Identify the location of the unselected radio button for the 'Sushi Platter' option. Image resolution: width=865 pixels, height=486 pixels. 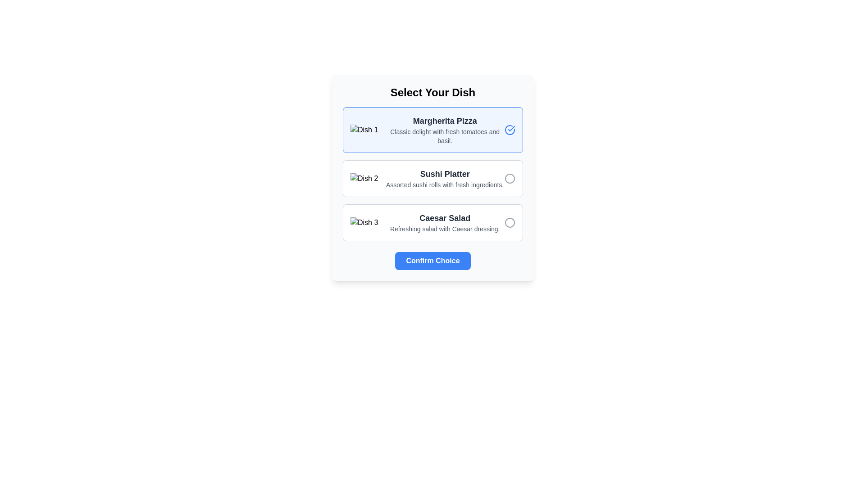
(510, 179).